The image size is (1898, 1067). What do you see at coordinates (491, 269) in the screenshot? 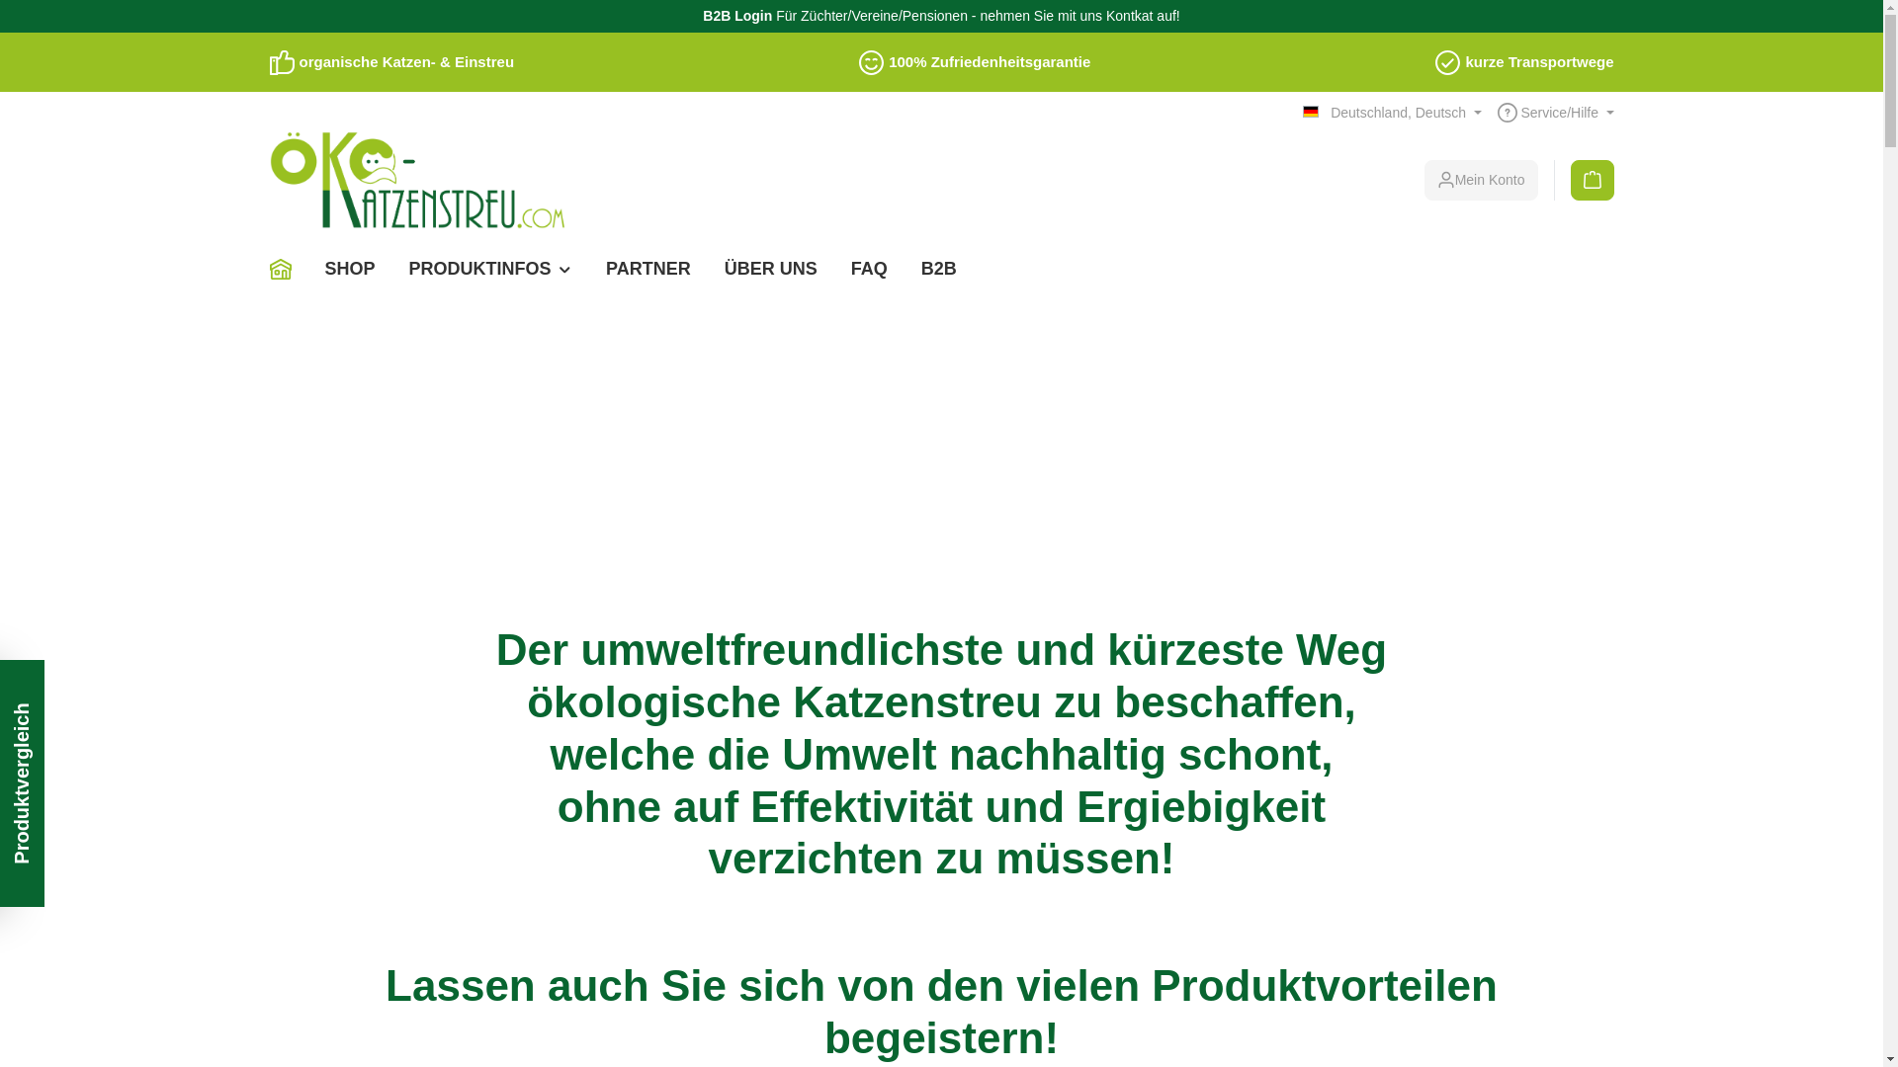
I see `'PRODUKTINFOS'` at bounding box center [491, 269].